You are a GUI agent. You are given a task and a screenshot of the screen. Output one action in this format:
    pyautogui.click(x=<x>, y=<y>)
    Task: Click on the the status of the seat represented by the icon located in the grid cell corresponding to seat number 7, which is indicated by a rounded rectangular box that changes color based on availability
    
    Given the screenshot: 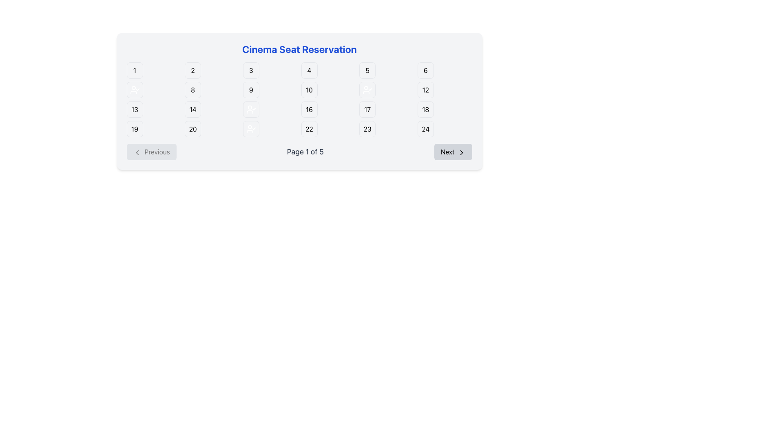 What is the action you would take?
    pyautogui.click(x=135, y=90)
    